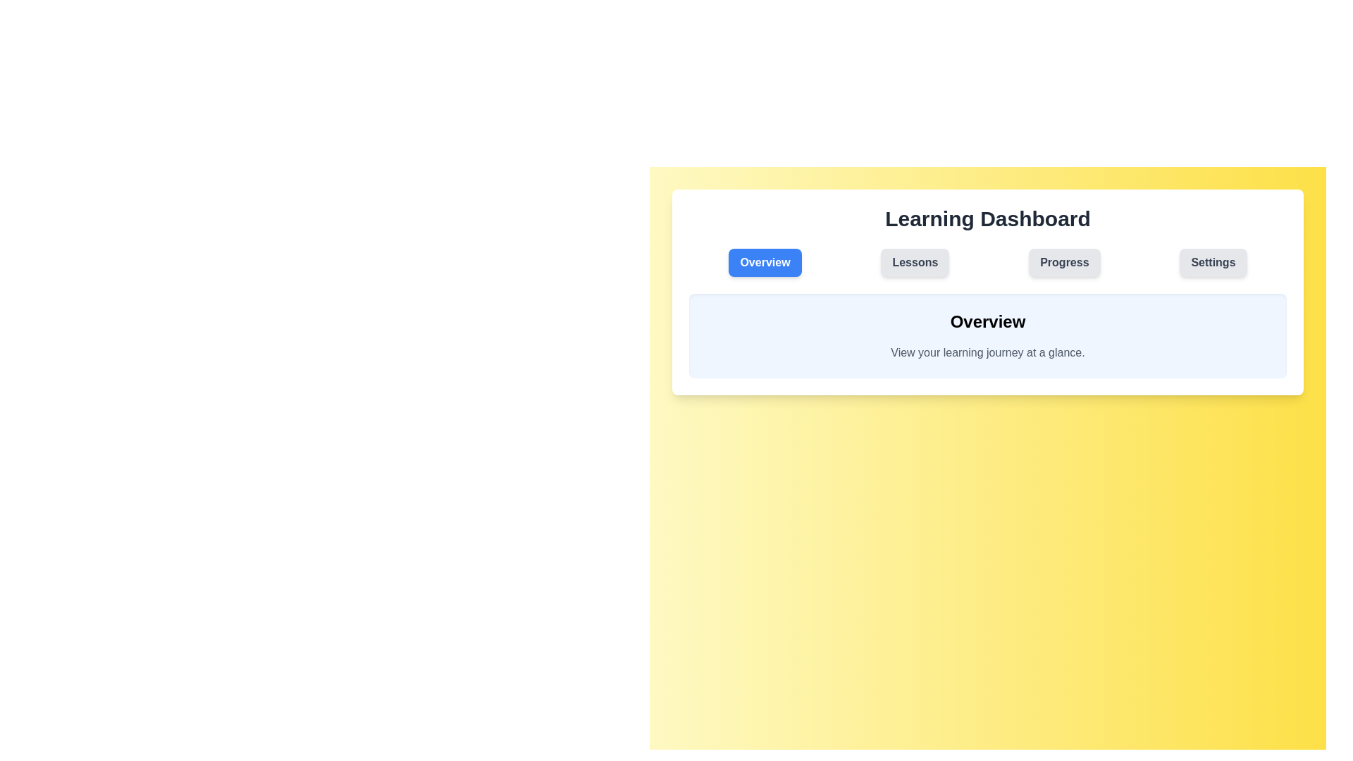  What do you see at coordinates (764, 263) in the screenshot?
I see `the tab labeled Overview to observe its interactive effect` at bounding box center [764, 263].